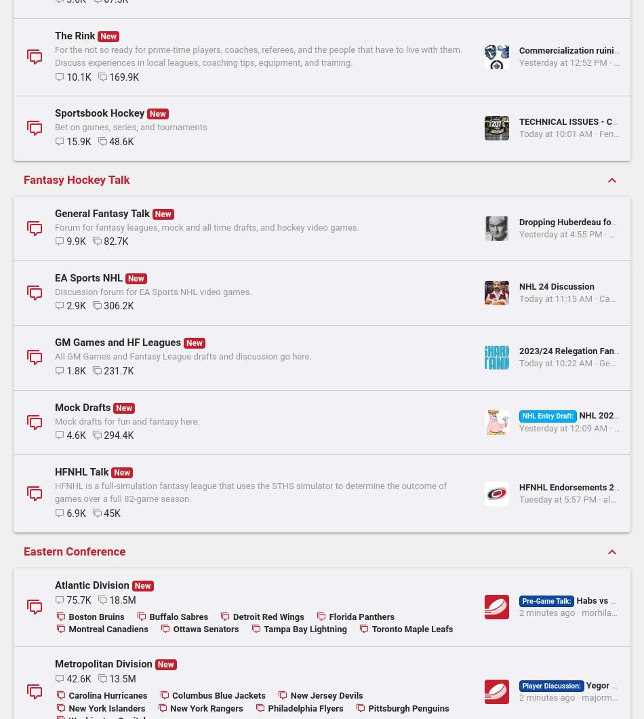 The height and width of the screenshot is (719, 644). Describe the element at coordinates (140, 262) in the screenshot. I see `'For the not so ready for prime-time players, coaches, referees, and the people that have to live with them. Discuss experiences in local leagues, coaching tips, equipment, and training.'` at that location.